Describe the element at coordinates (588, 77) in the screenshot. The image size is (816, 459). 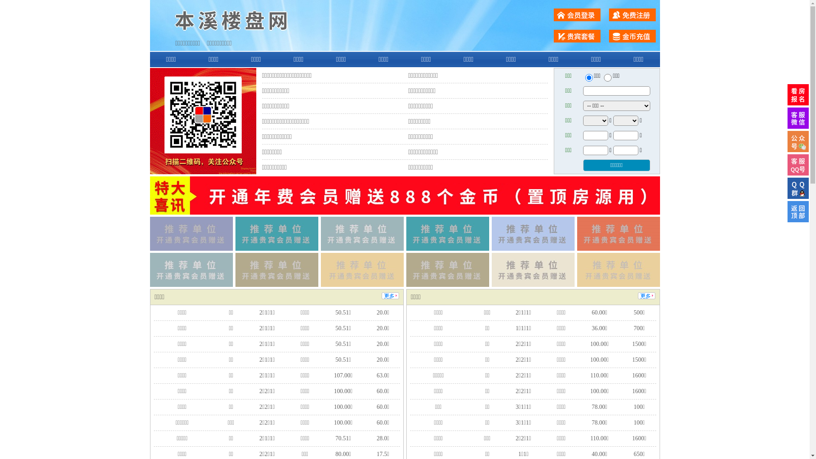
I see `'ershou'` at that location.